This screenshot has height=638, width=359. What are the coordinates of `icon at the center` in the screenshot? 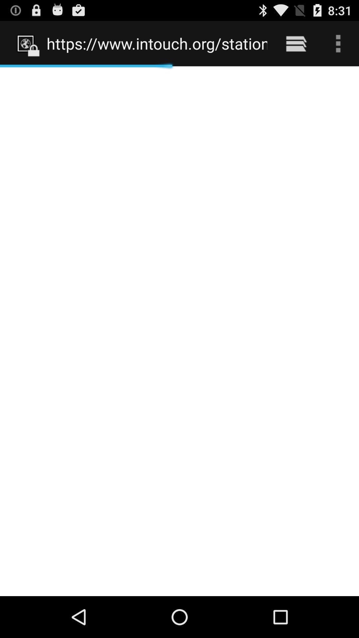 It's located at (179, 331).